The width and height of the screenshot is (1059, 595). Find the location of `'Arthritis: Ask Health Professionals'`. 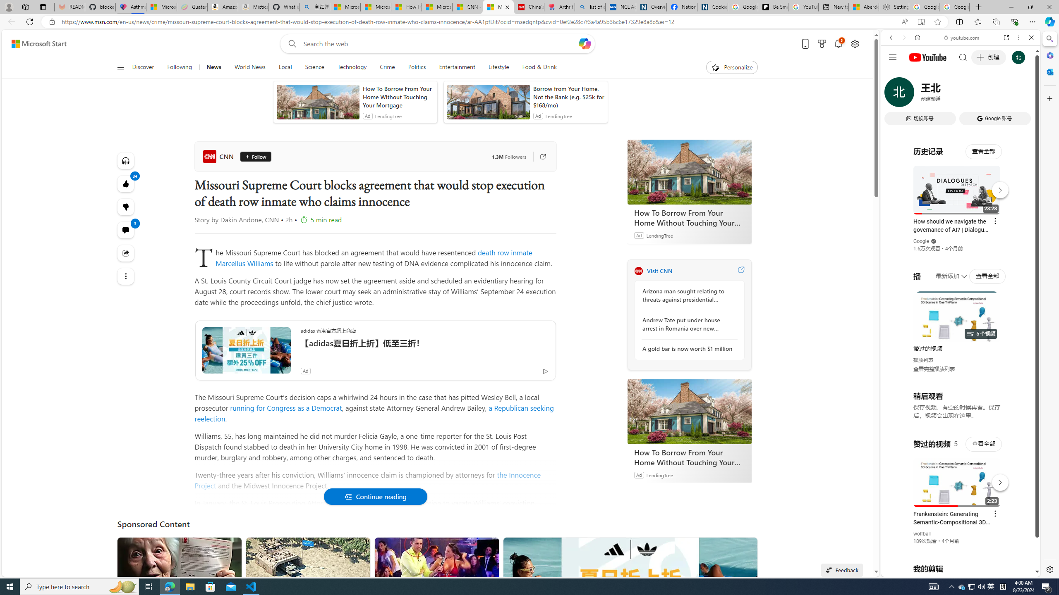

'Arthritis: Ask Health Professionals' is located at coordinates (559, 7).